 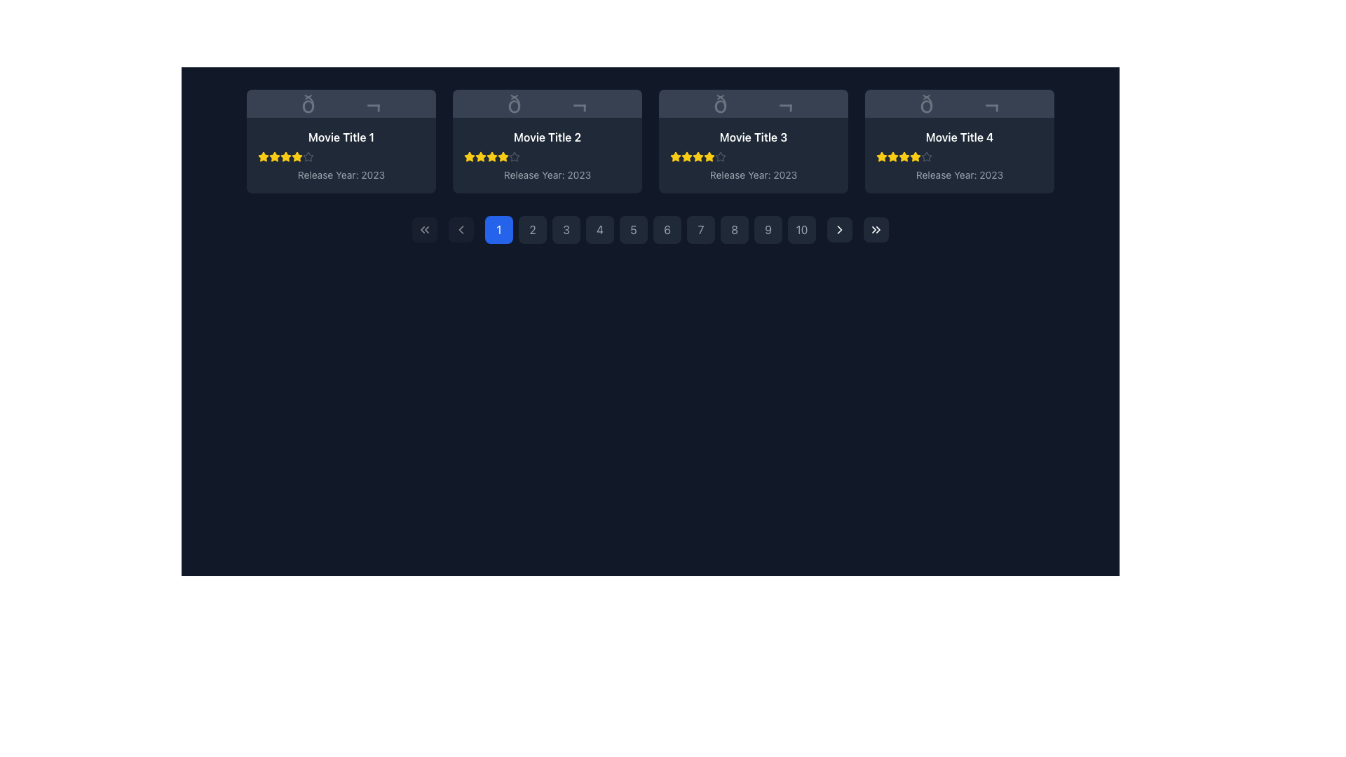 I want to click on the button that navigates to the previous set of items in the paginated list, located at the bottom center of the page, second from the left, so click(x=461, y=229).